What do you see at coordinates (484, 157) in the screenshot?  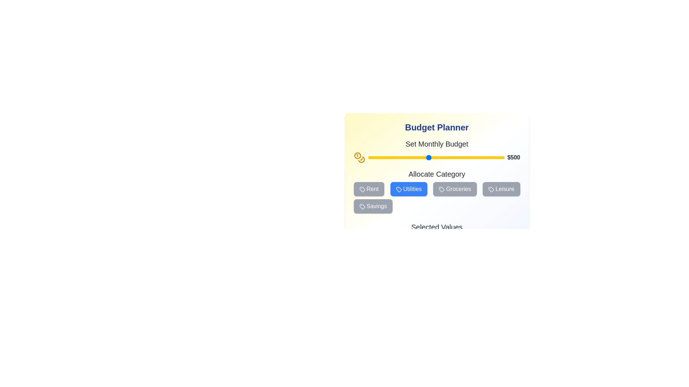 I see `the budget slider` at bounding box center [484, 157].